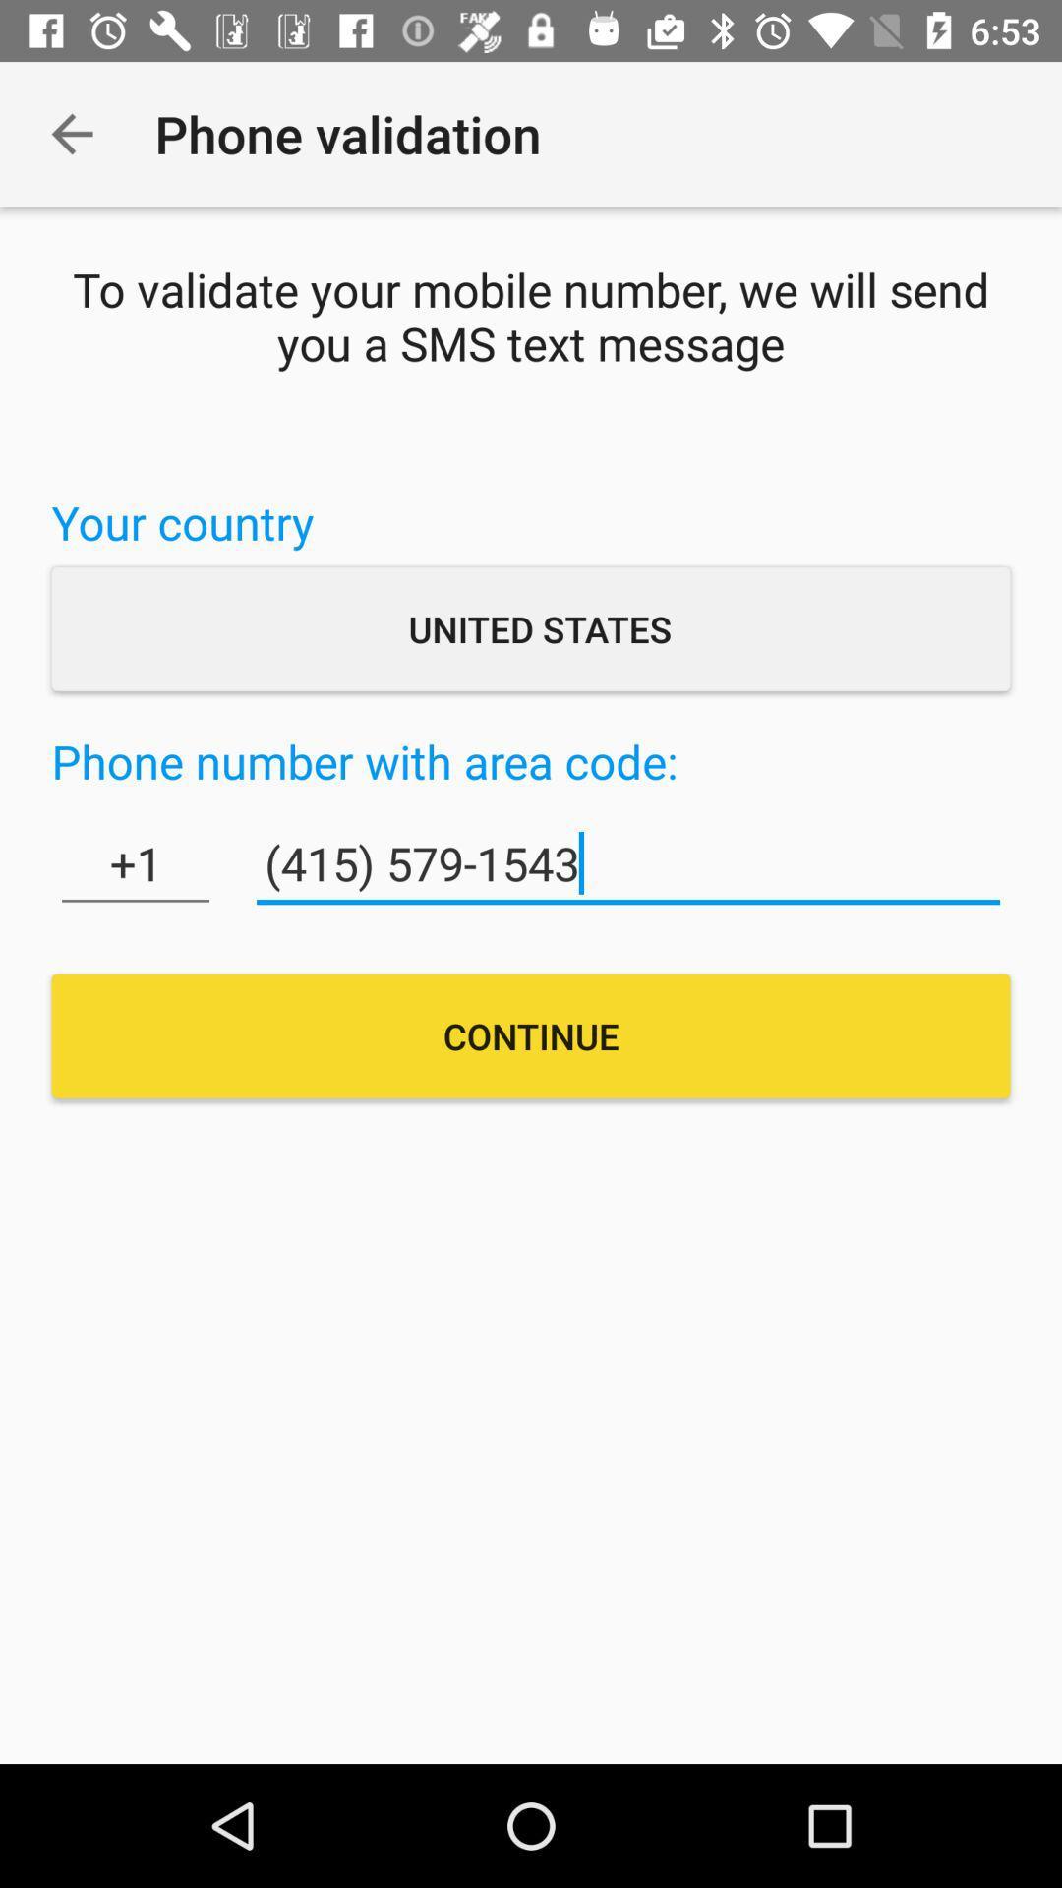  I want to click on item above to validate your, so click(71, 133).